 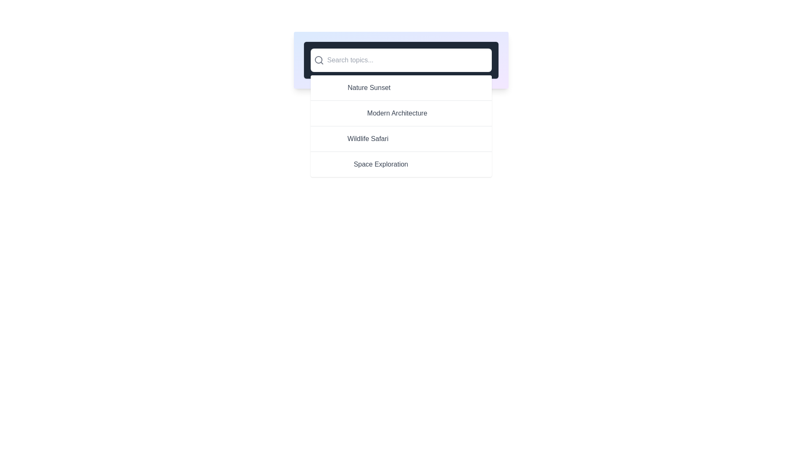 I want to click on the 'Space Exploration' menu item using keyboard navigation, so click(x=400, y=164).